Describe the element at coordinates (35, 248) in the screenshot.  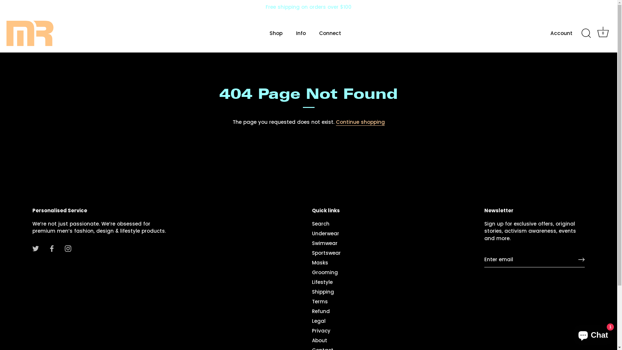
I see `'Twitter'` at that location.